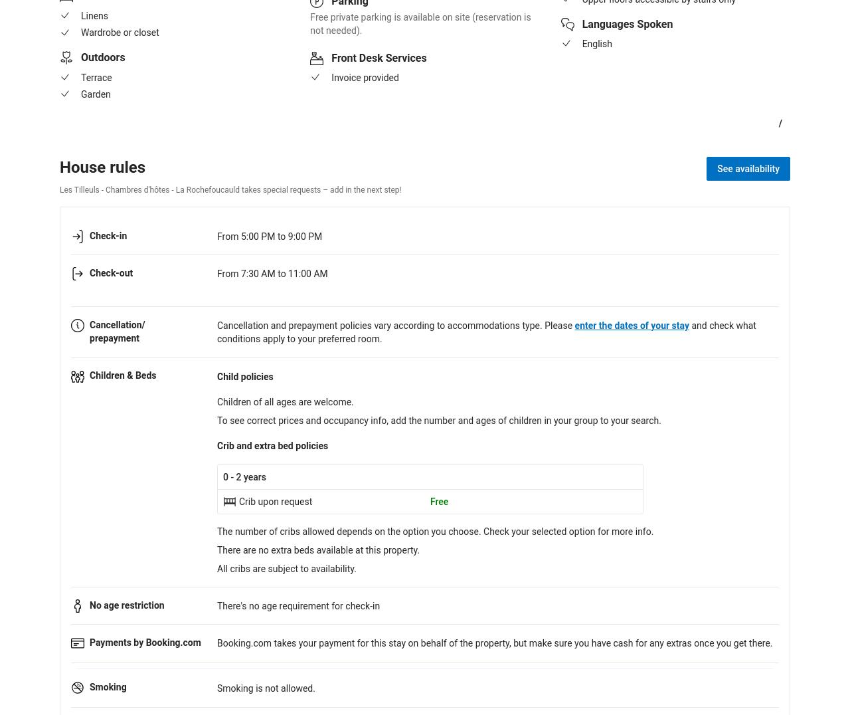 This screenshot has height=715, width=850. I want to click on 'Crib and extra bed policies', so click(217, 445).